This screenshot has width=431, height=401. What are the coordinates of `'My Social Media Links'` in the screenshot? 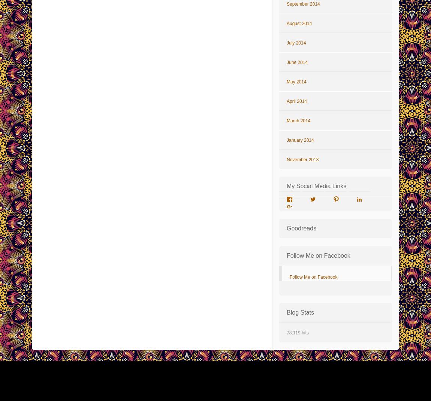 It's located at (316, 186).